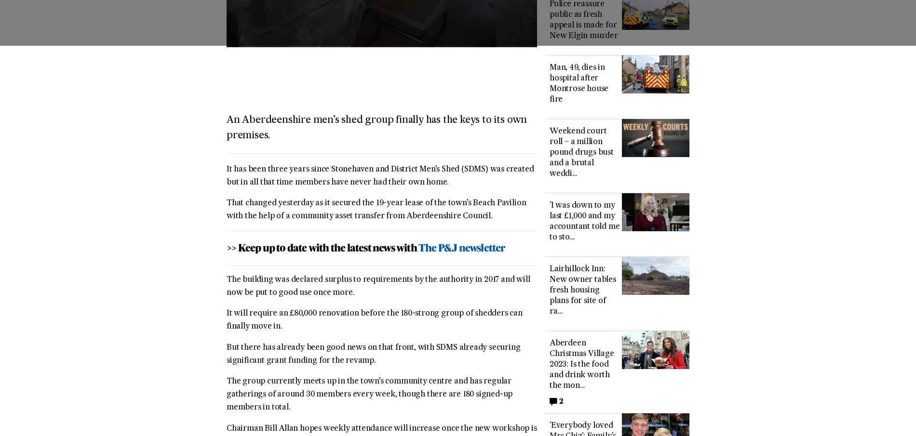  Describe the element at coordinates (461, 248) in the screenshot. I see `'The P&J newsletter'` at that location.